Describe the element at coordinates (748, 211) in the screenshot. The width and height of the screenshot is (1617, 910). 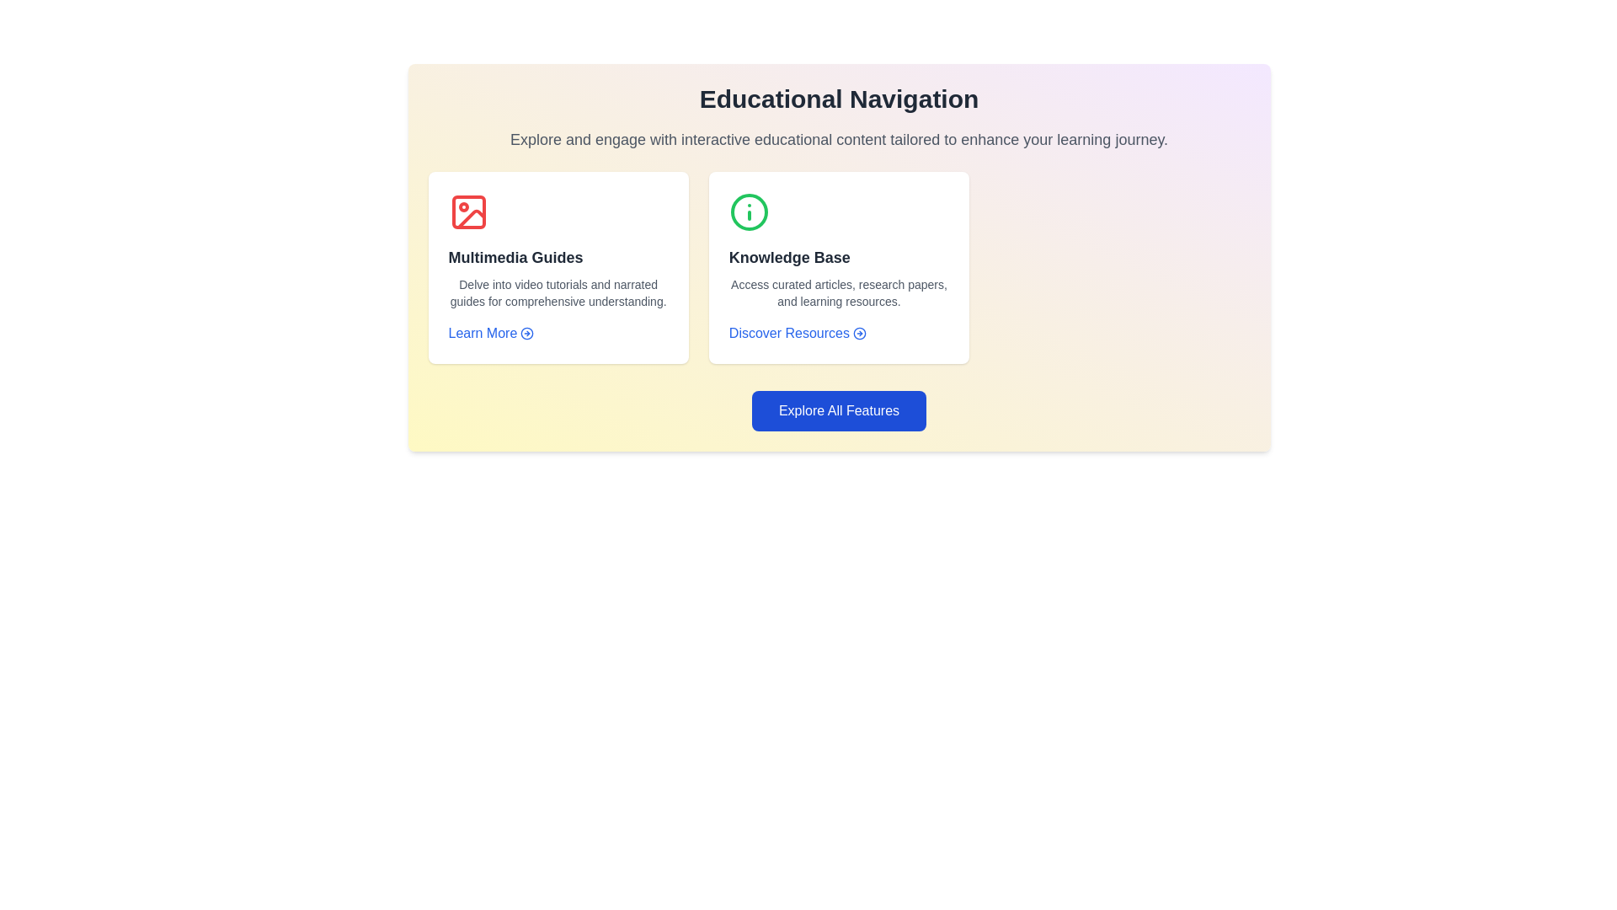
I see `the green circular icon with a lowercase 'i' at its center, located in the top-left position of the 'Knowledge Base' card` at that location.